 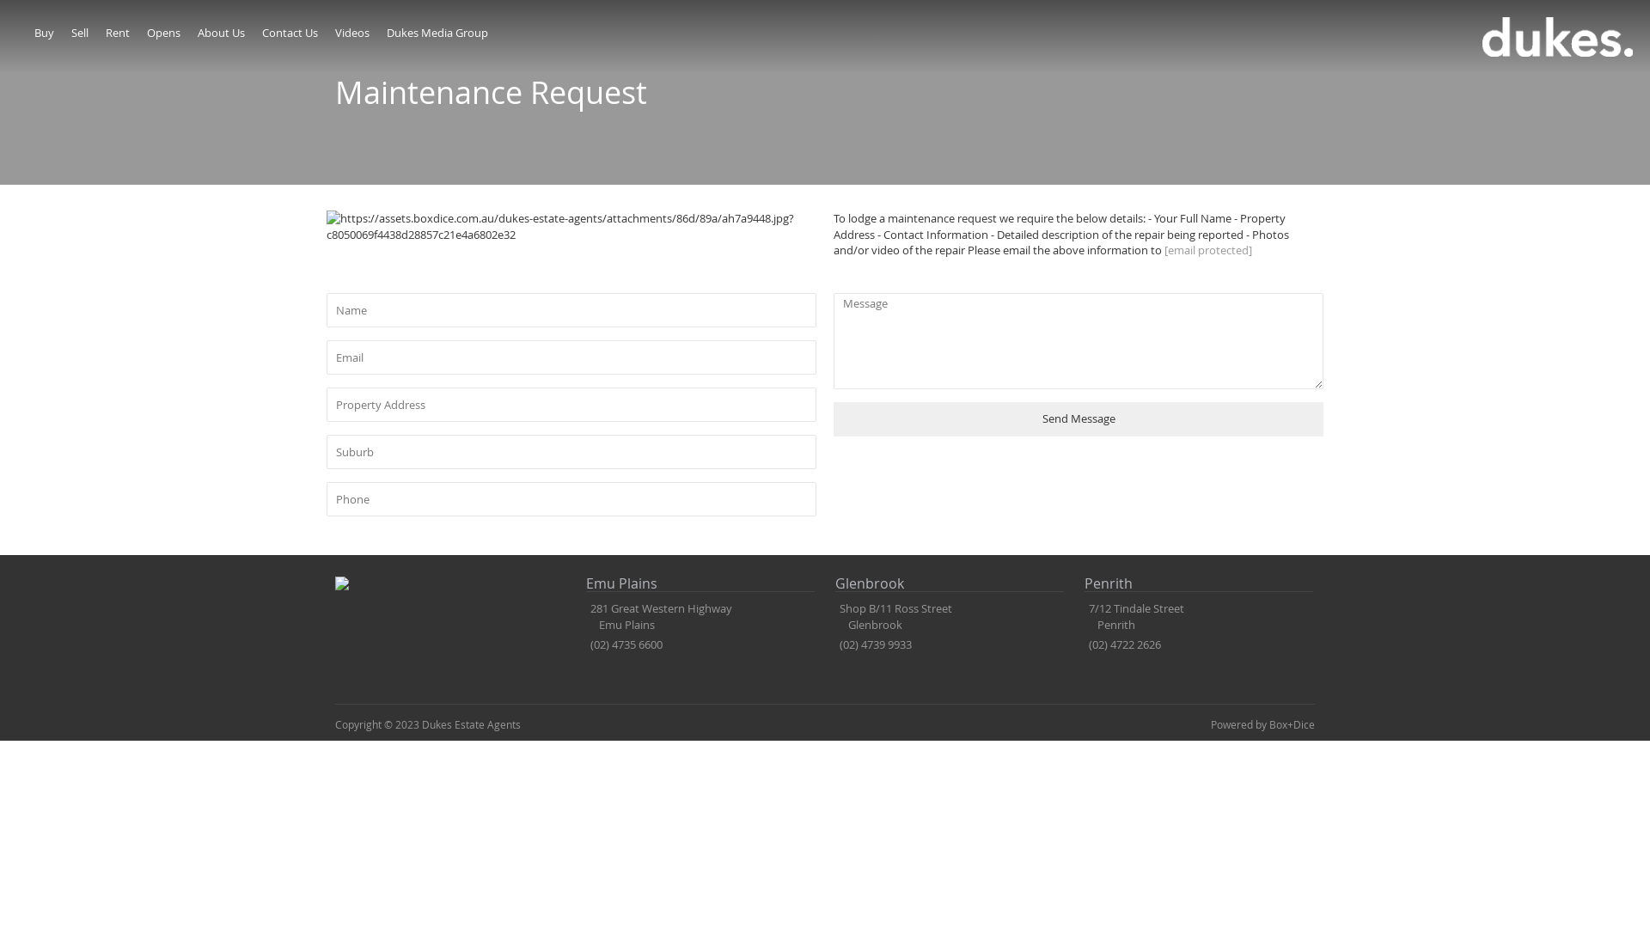 What do you see at coordinates (220, 33) in the screenshot?
I see `'About Us'` at bounding box center [220, 33].